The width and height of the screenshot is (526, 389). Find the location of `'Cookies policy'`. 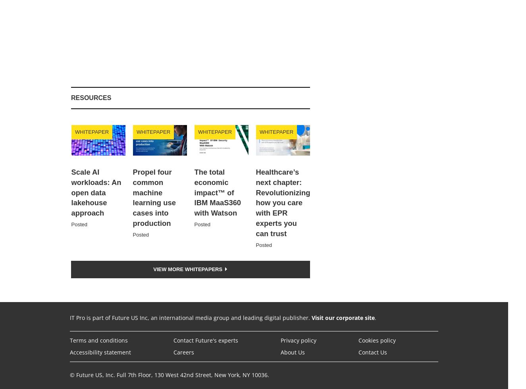

'Cookies policy' is located at coordinates (377, 340).